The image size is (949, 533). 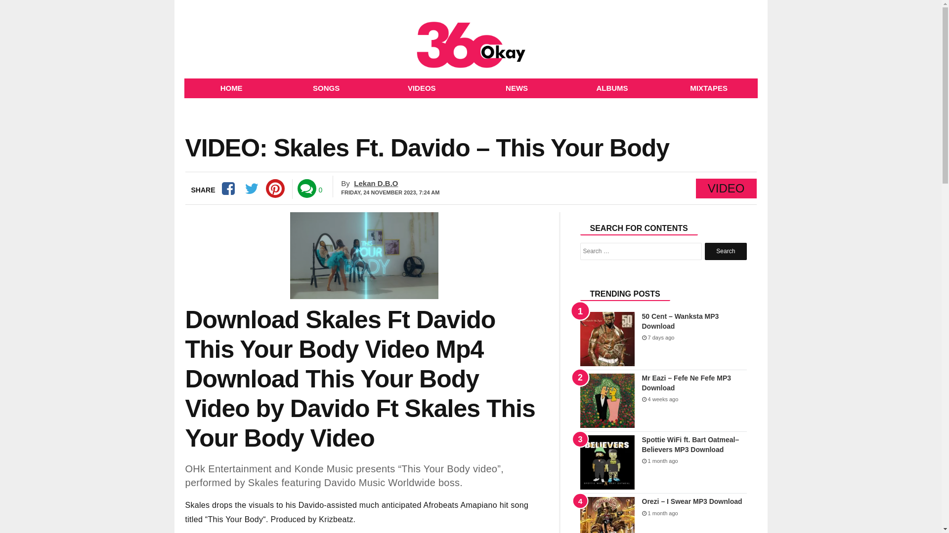 What do you see at coordinates (320, 190) in the screenshot?
I see `'0'` at bounding box center [320, 190].